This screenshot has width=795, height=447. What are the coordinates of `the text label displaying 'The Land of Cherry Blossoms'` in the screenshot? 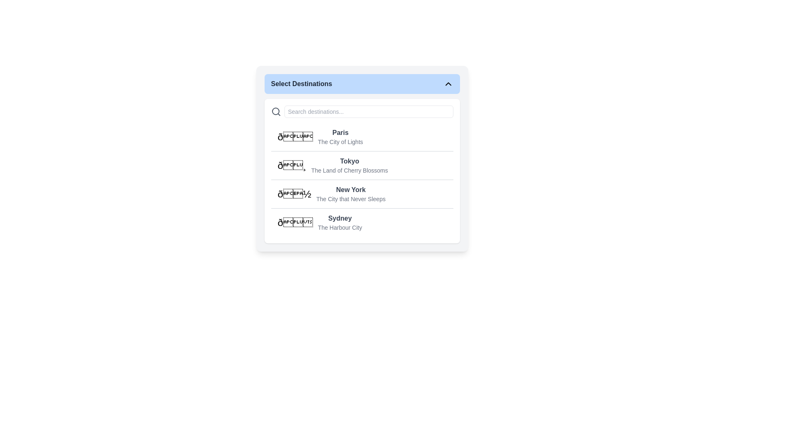 It's located at (349, 170).